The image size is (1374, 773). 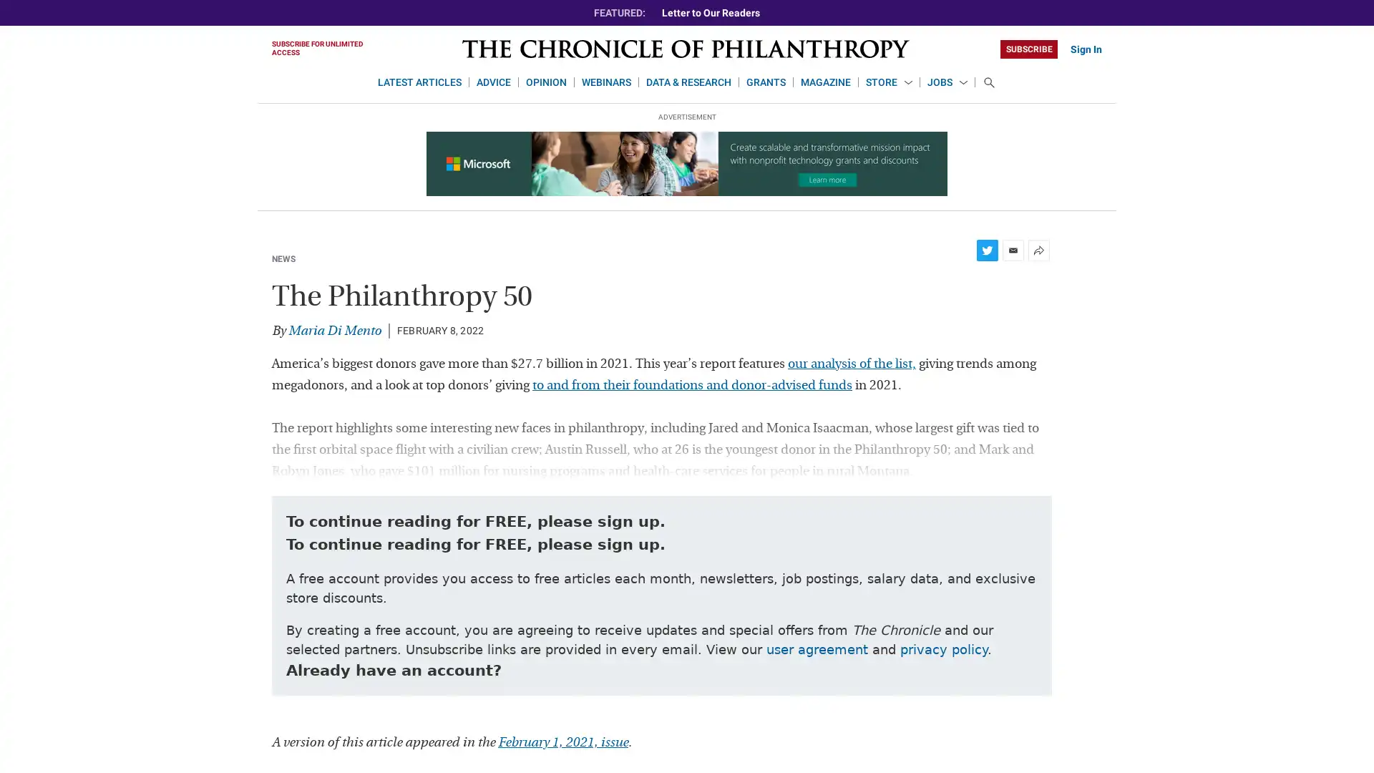 What do you see at coordinates (988, 82) in the screenshot?
I see `Show Search` at bounding box center [988, 82].